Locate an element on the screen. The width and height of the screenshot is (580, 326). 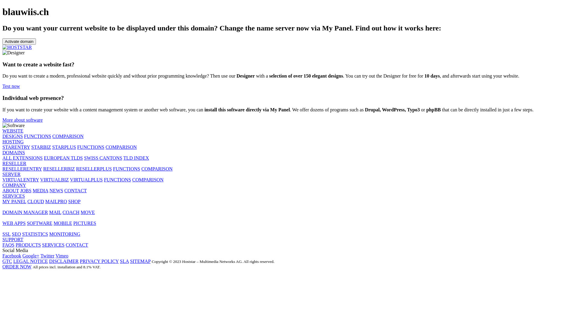
'SLA' is located at coordinates (124, 261).